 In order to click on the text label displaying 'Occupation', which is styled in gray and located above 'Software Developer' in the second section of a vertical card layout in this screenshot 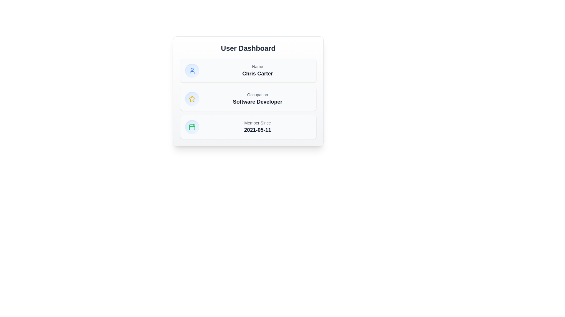, I will do `click(257, 95)`.